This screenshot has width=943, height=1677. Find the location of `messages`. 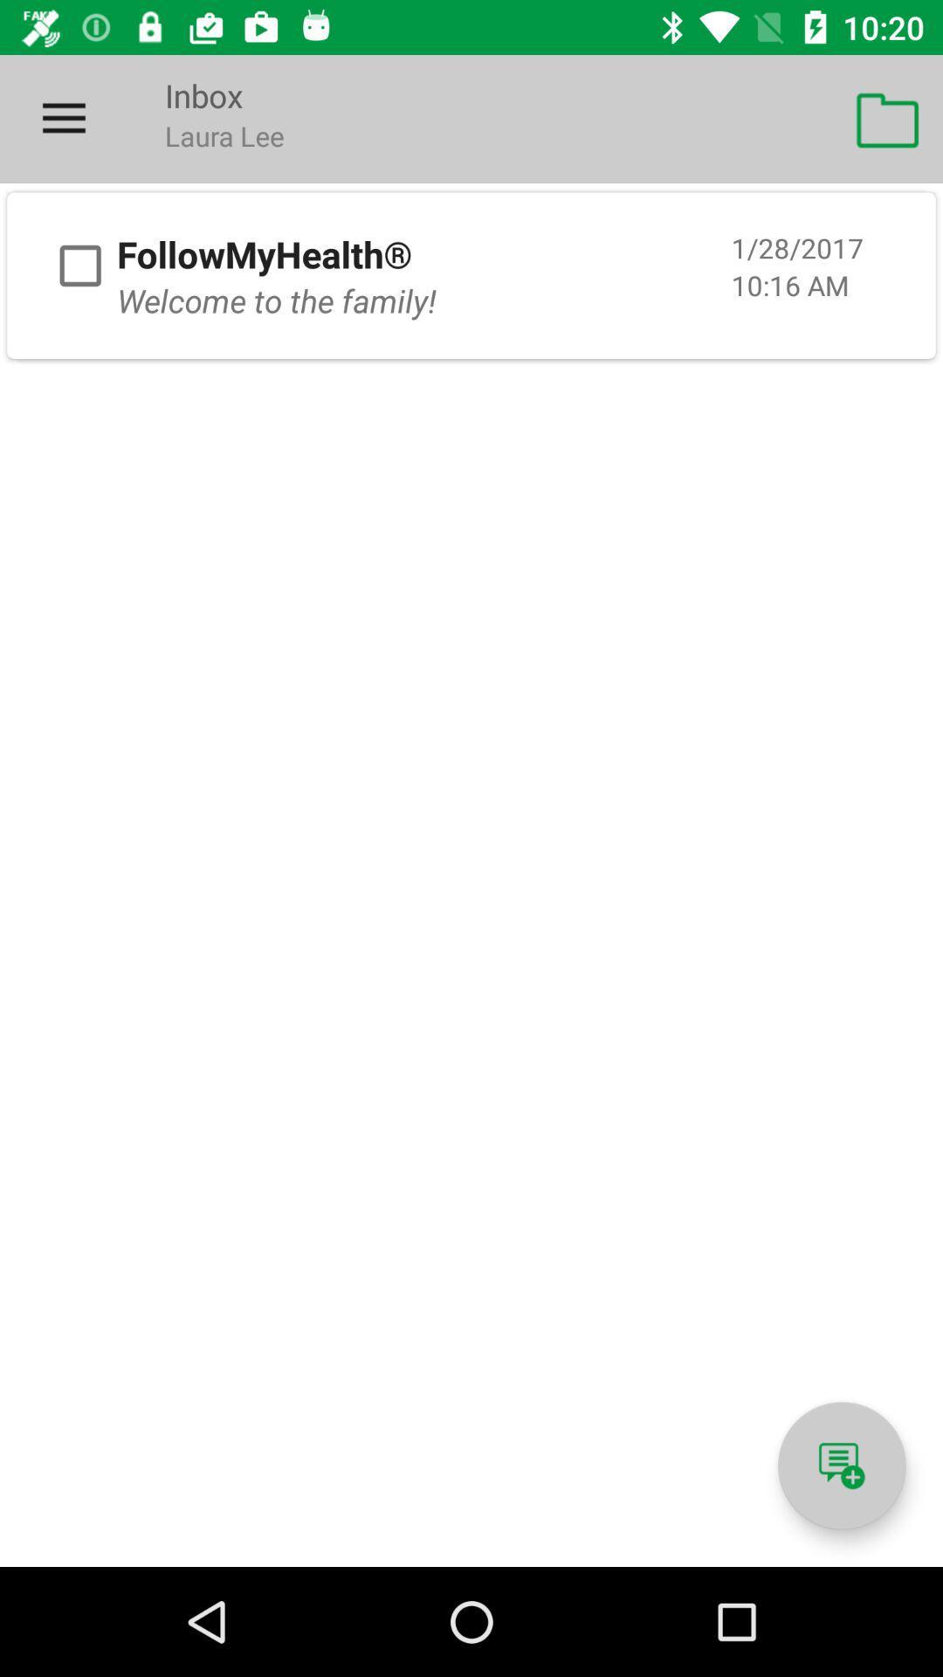

messages is located at coordinates (841, 1466).